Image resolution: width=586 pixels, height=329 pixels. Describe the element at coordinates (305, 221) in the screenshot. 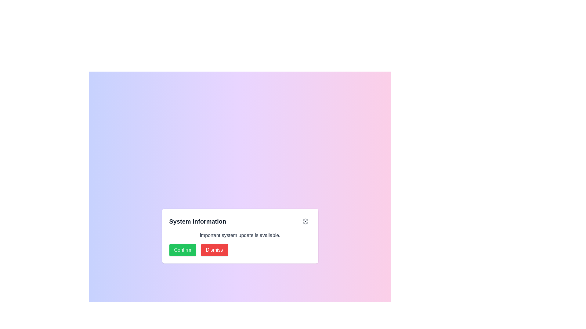

I see `the circular button with an 'X' icon located at the top-right corner of the 'System Information' panel to trigger the hover effect` at that location.